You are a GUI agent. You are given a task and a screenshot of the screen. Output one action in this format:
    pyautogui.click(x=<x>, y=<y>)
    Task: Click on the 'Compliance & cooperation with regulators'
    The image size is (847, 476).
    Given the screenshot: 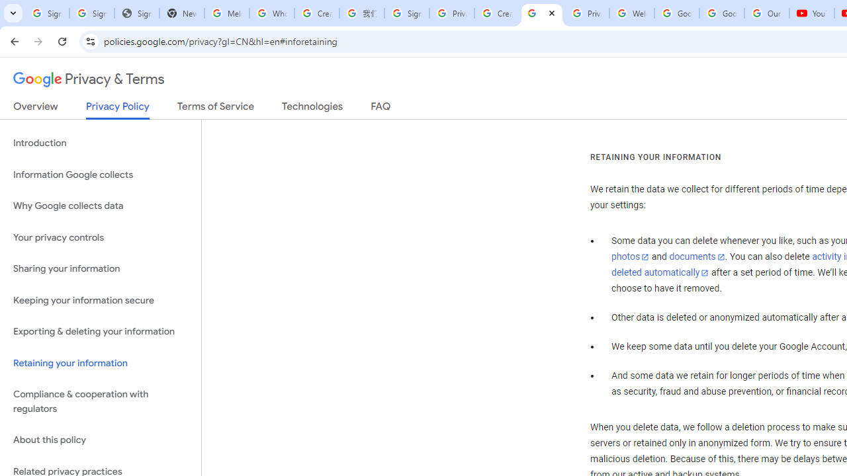 What is the action you would take?
    pyautogui.click(x=100, y=401)
    